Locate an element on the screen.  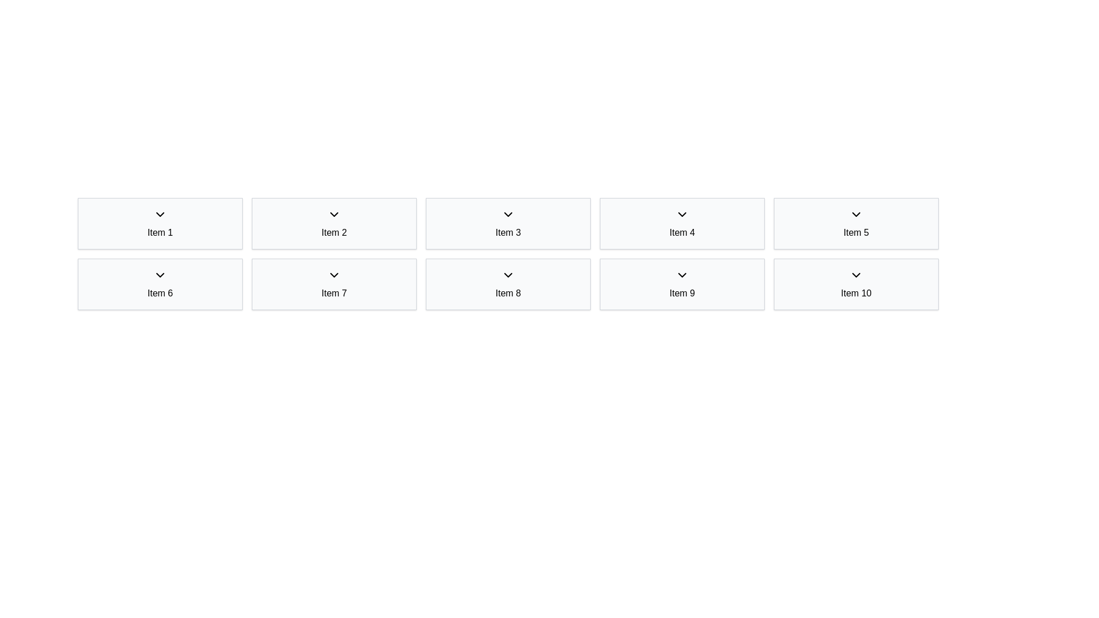
the static text label that represents 'Item 2', located in the second column of the first row of a grid layout is located at coordinates (334, 232).